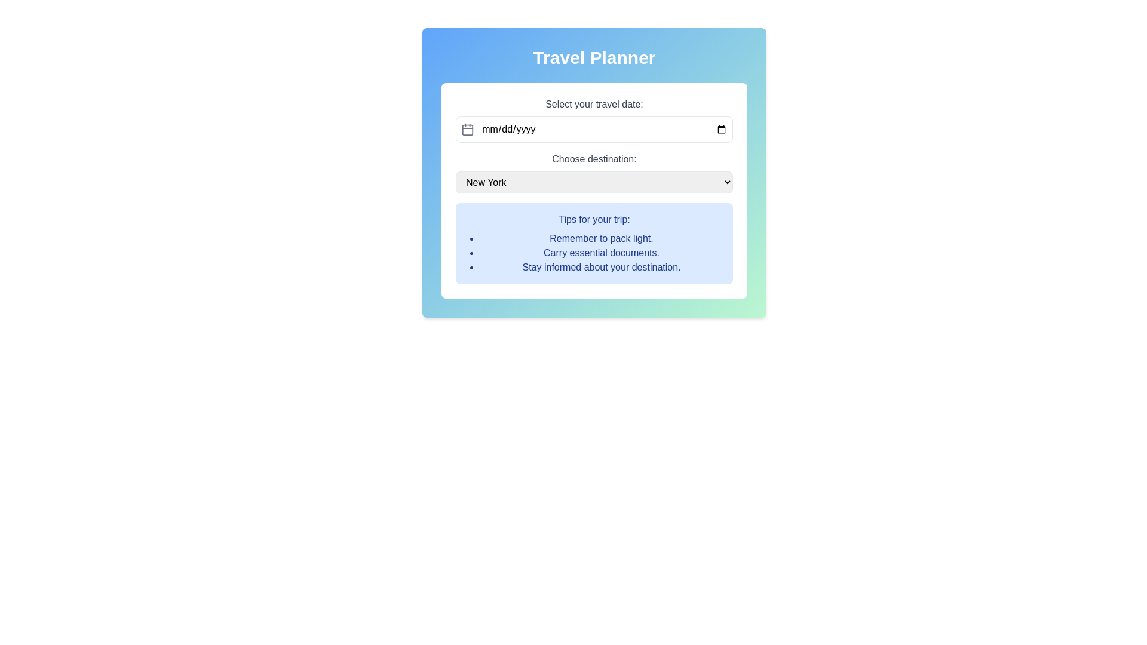 This screenshot has width=1147, height=645. What do you see at coordinates (605, 129) in the screenshot?
I see `the Date Input Field in the 'Select your travel date' section` at bounding box center [605, 129].